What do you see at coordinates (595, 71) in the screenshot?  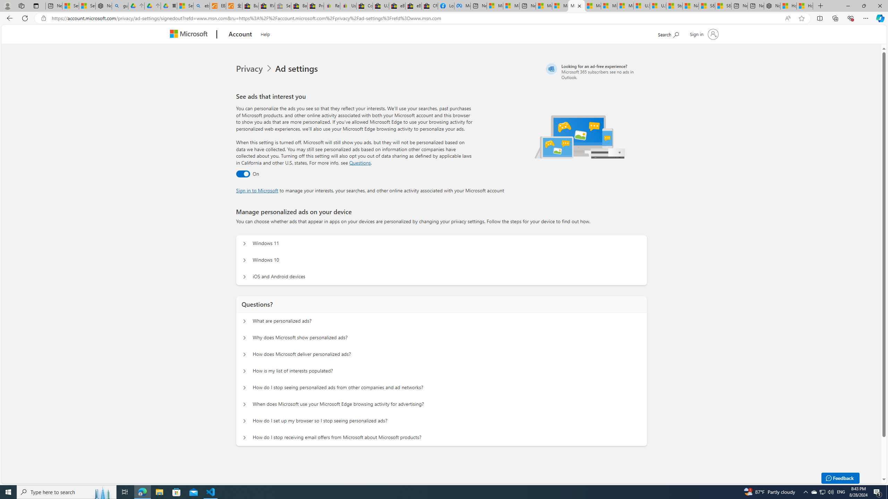 I see `'Looking for an ad-free experience?'` at bounding box center [595, 71].